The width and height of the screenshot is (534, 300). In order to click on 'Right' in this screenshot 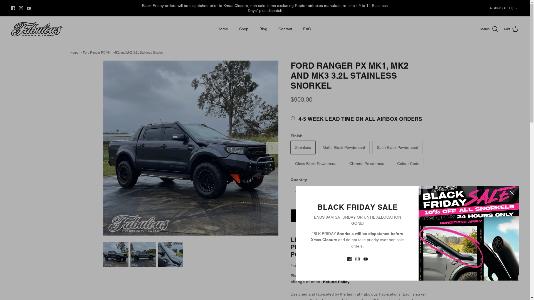, I will do `click(272, 147)`.